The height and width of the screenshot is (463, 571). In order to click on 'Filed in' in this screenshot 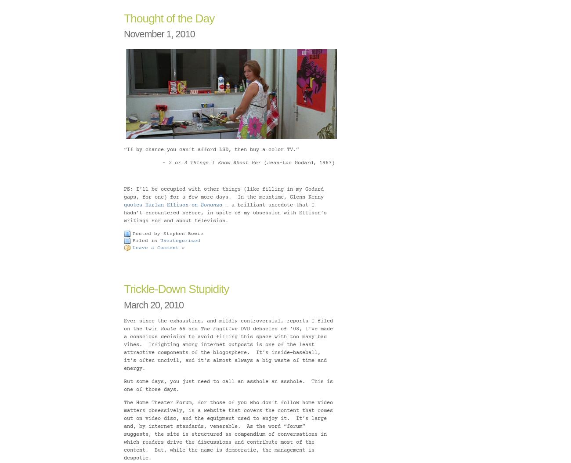, I will do `click(146, 241)`.